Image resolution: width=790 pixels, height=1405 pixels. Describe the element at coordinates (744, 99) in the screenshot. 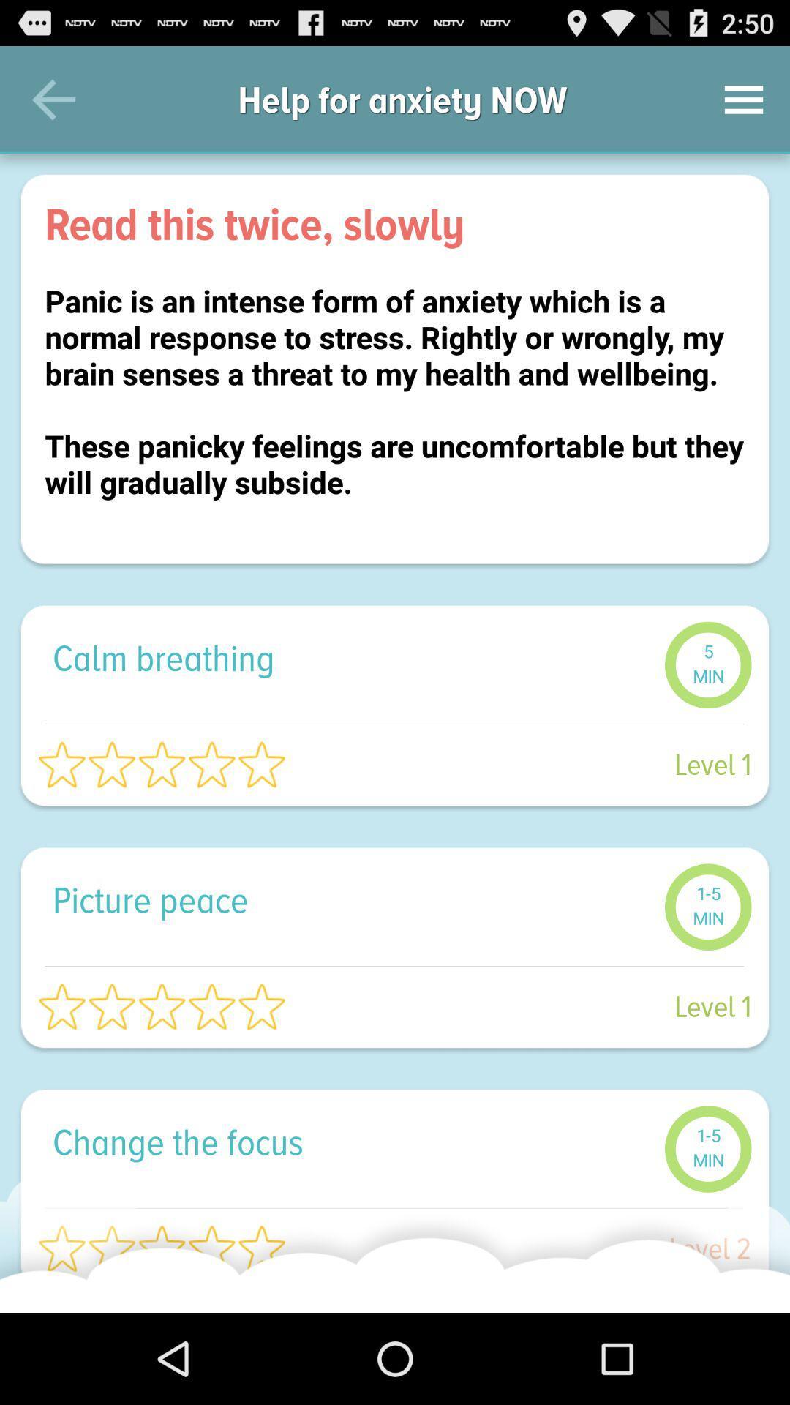

I see `item above read this twice` at that location.